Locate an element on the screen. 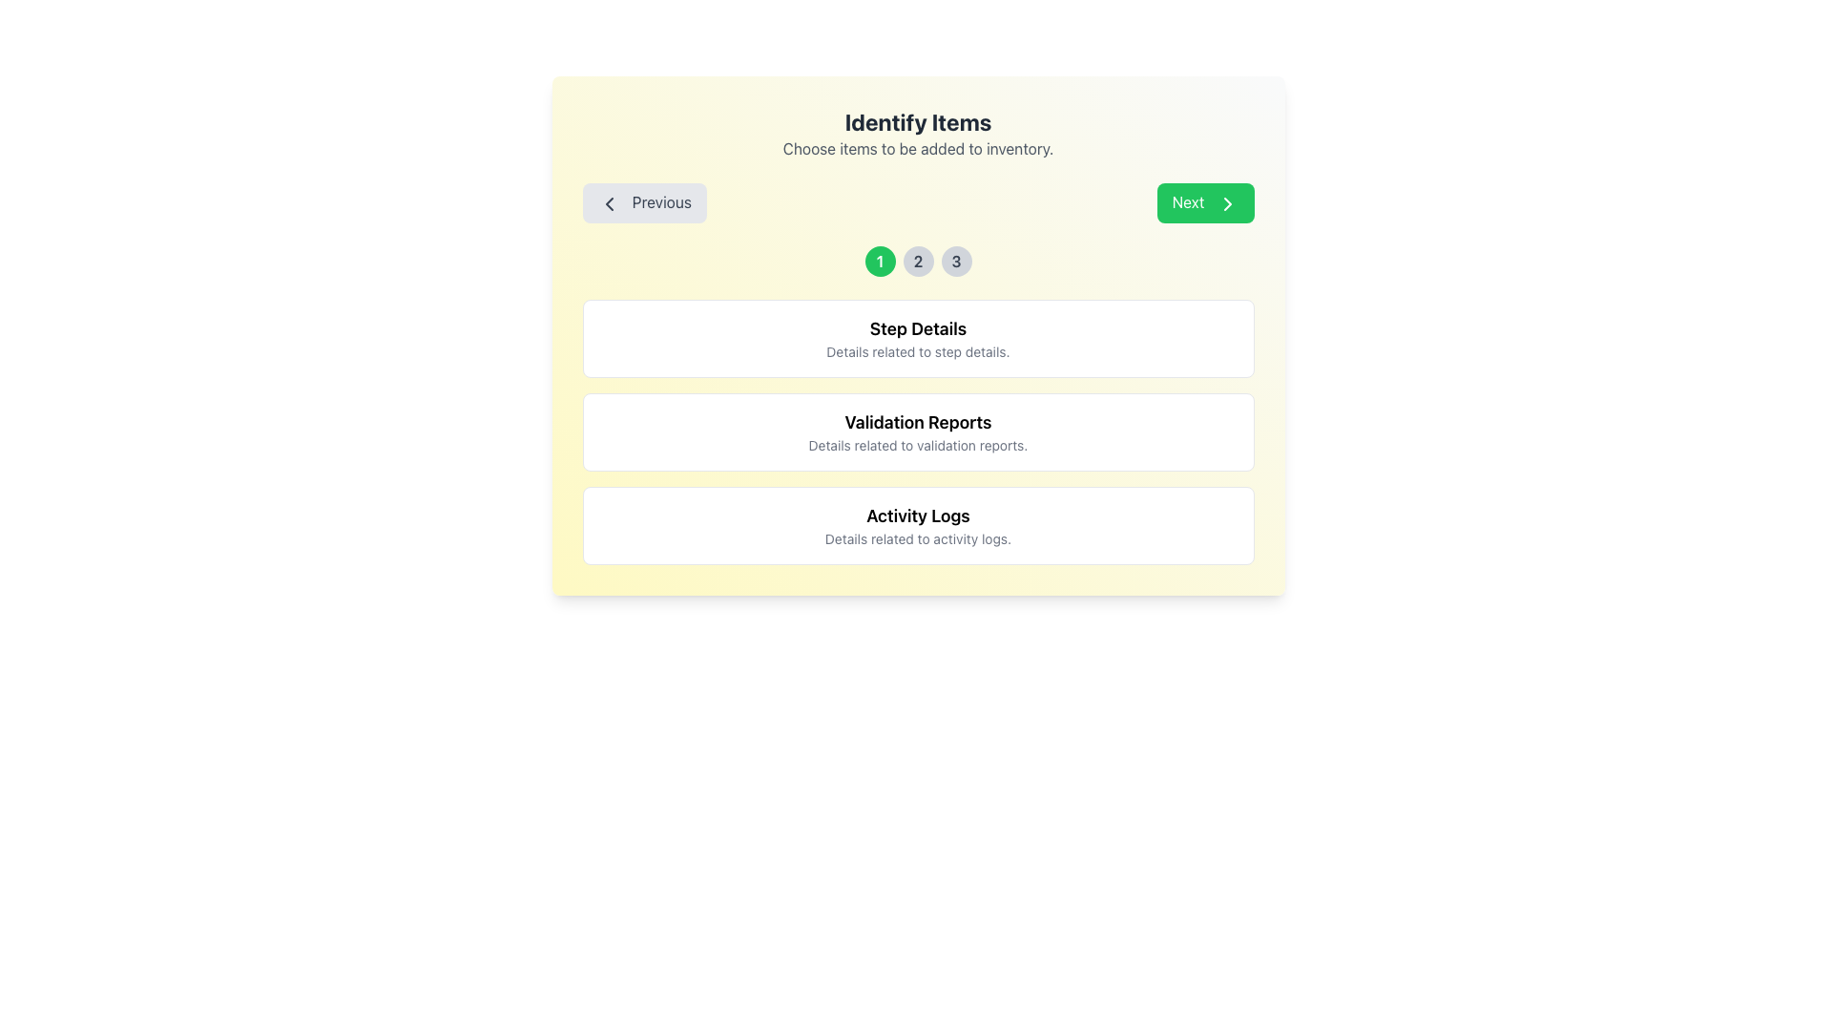 The height and width of the screenshot is (1031, 1832). the second step indicator button in the step navigation interface, positioned between the buttons labeled '1' and '3' is located at coordinates (918, 261).